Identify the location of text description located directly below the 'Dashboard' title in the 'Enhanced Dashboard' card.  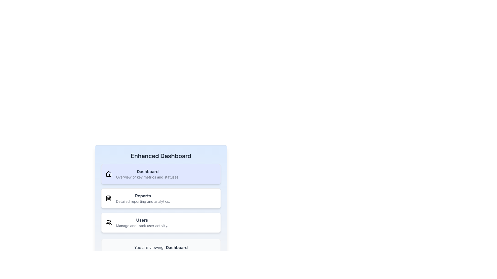
(147, 177).